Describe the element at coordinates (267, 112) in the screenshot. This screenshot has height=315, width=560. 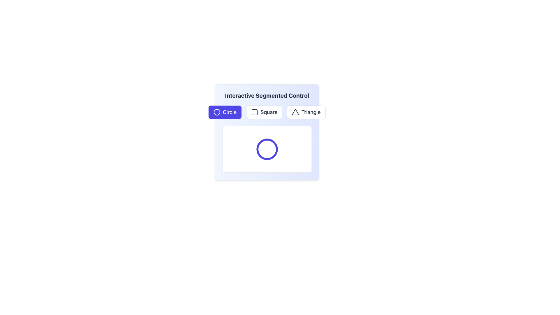
I see `the 'Square' button in the segmented control` at that location.